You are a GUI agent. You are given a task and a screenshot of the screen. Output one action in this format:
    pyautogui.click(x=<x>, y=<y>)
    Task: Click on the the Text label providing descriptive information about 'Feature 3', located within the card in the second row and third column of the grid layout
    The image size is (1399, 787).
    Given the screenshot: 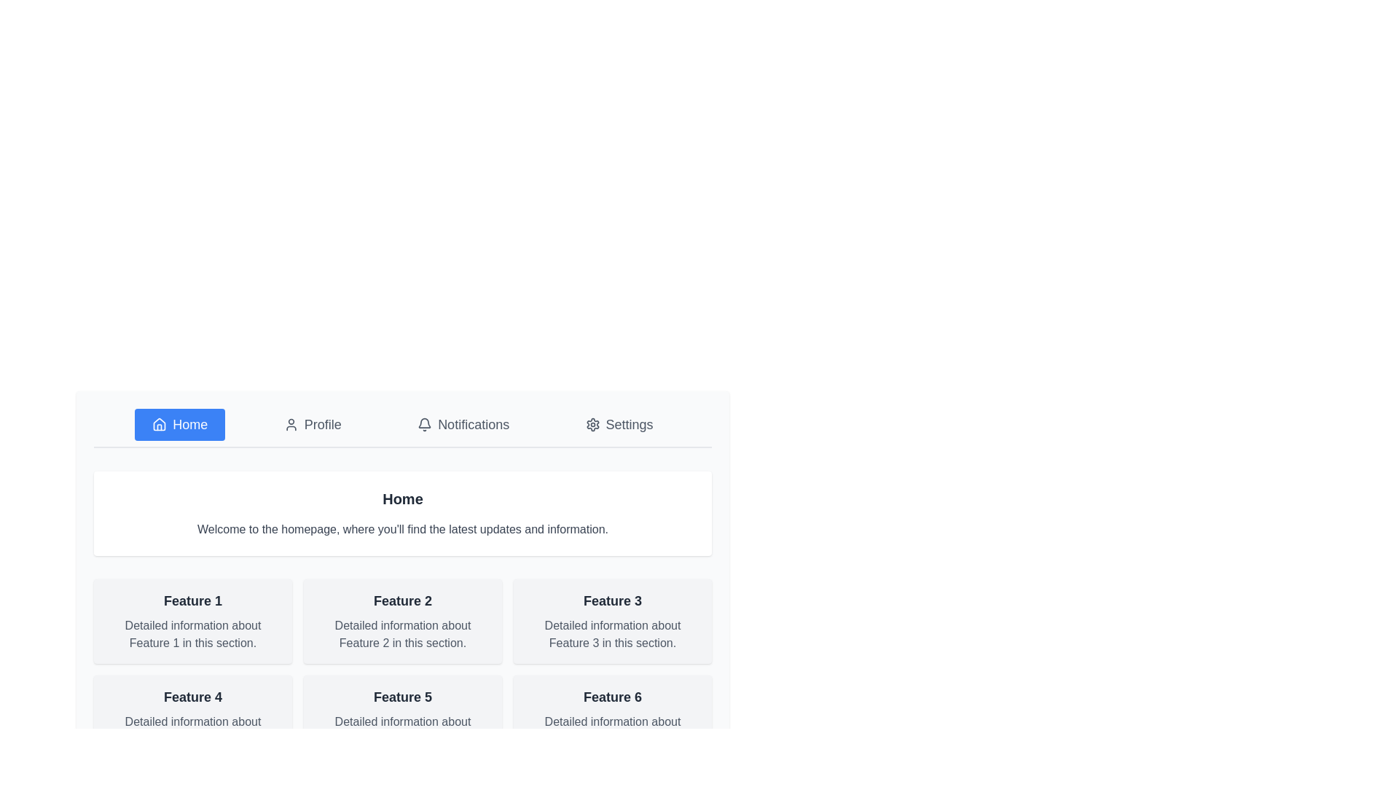 What is the action you would take?
    pyautogui.click(x=612, y=634)
    